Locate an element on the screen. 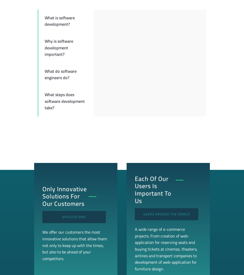 Image resolution: width=244 pixels, height=275 pixels. 'What do software engineers do?' is located at coordinates (60, 74).